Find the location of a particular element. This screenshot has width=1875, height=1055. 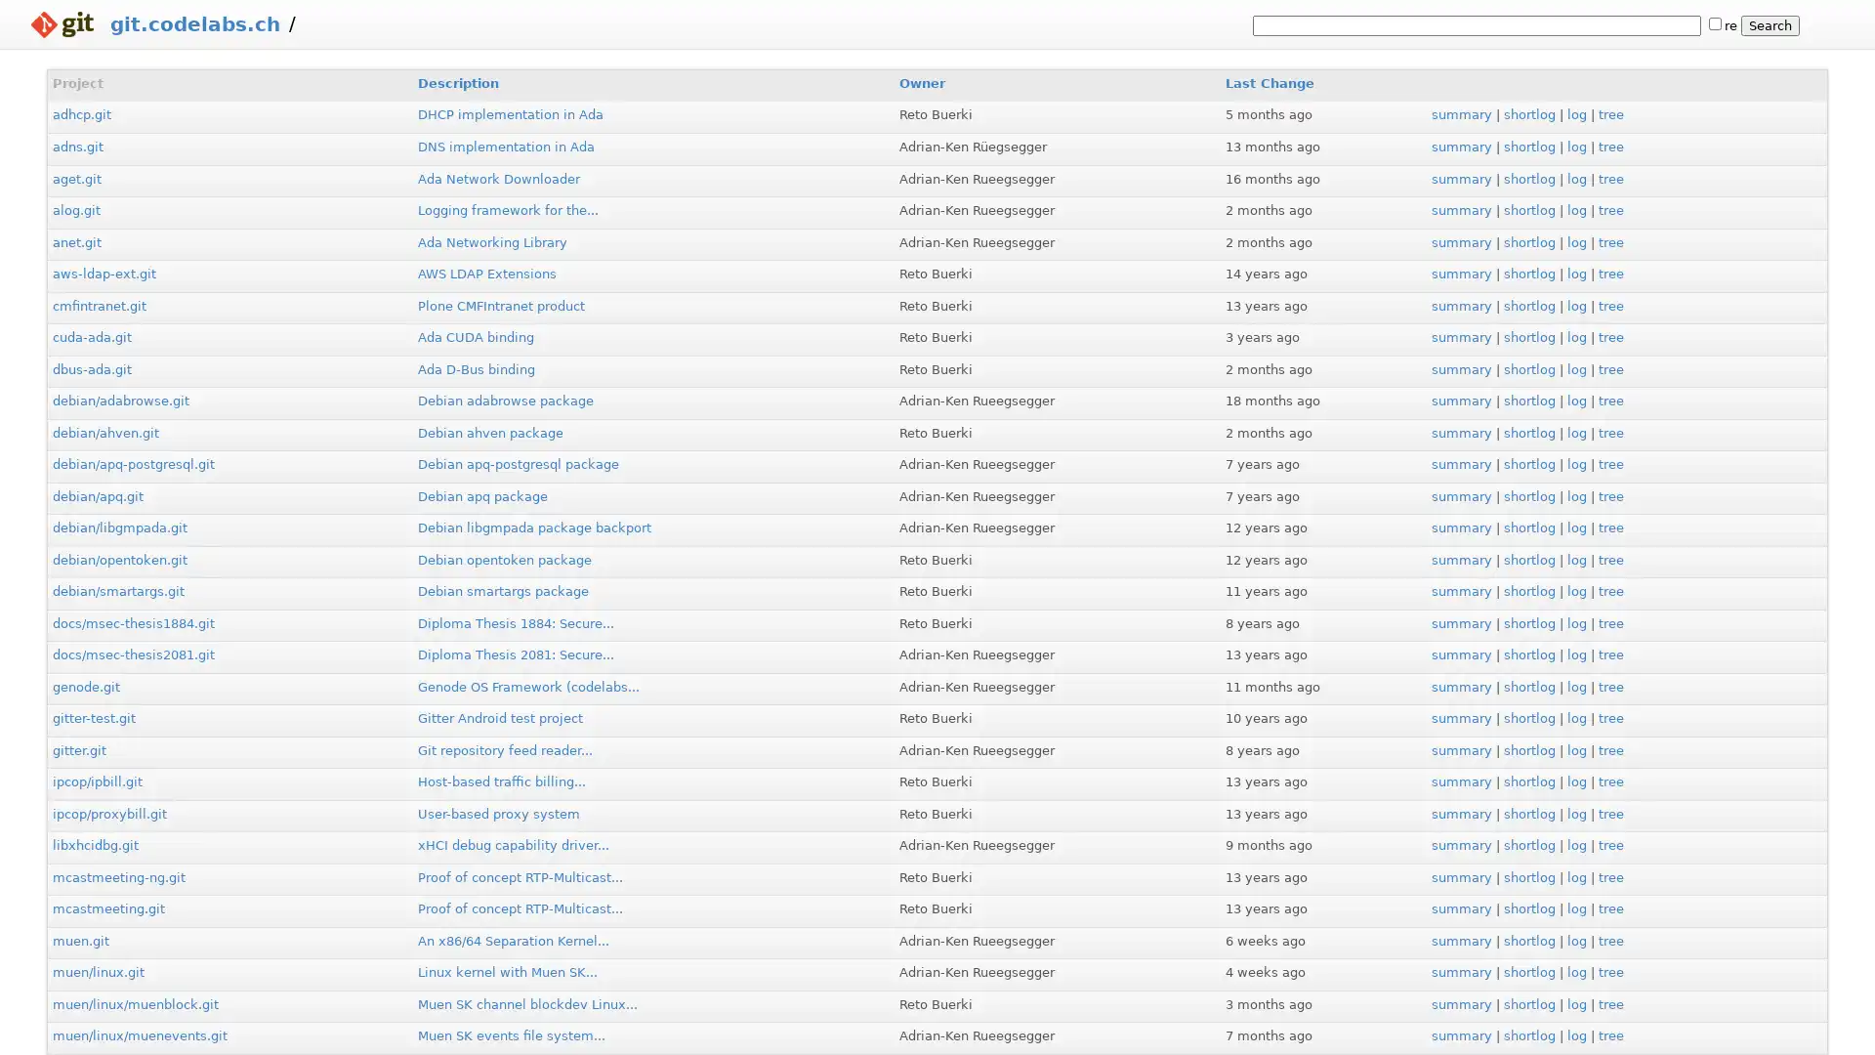

Search is located at coordinates (1771, 25).